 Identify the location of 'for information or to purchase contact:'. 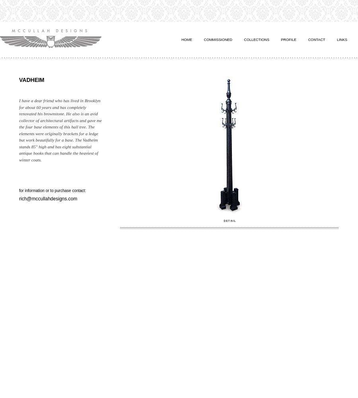
(53, 190).